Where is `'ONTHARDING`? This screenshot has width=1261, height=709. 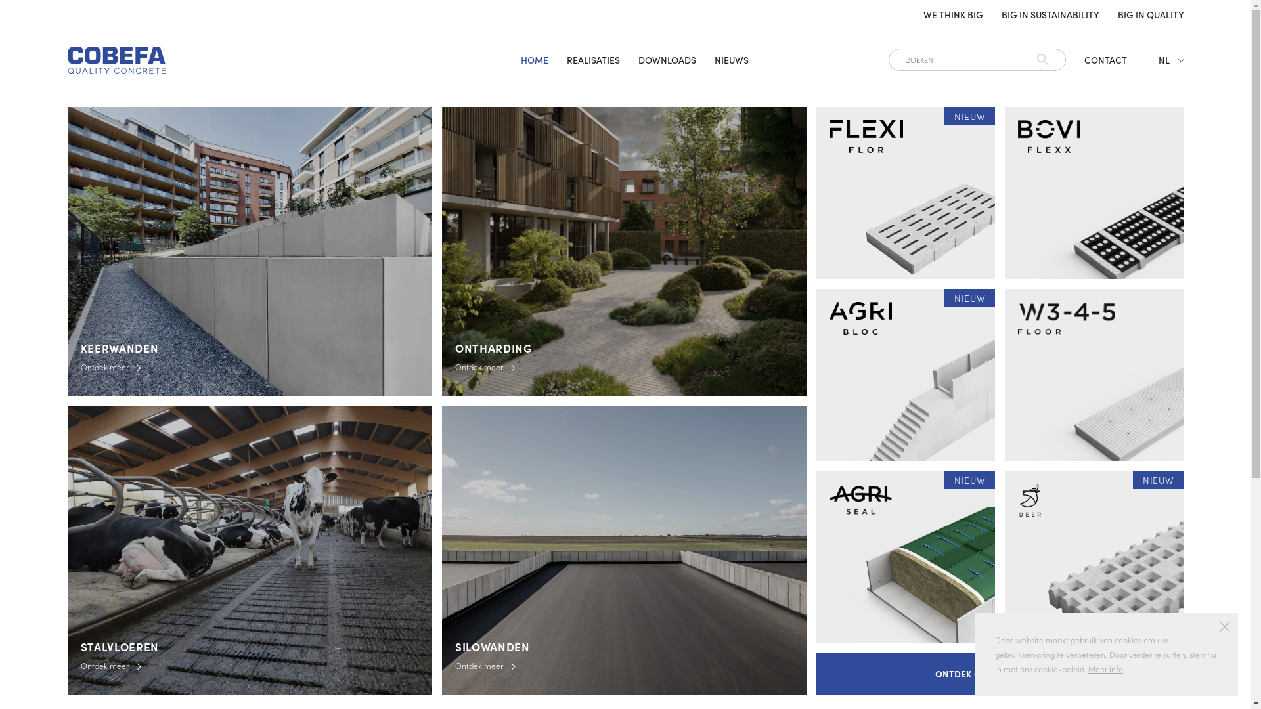 'ONTHARDING is located at coordinates (623, 251).